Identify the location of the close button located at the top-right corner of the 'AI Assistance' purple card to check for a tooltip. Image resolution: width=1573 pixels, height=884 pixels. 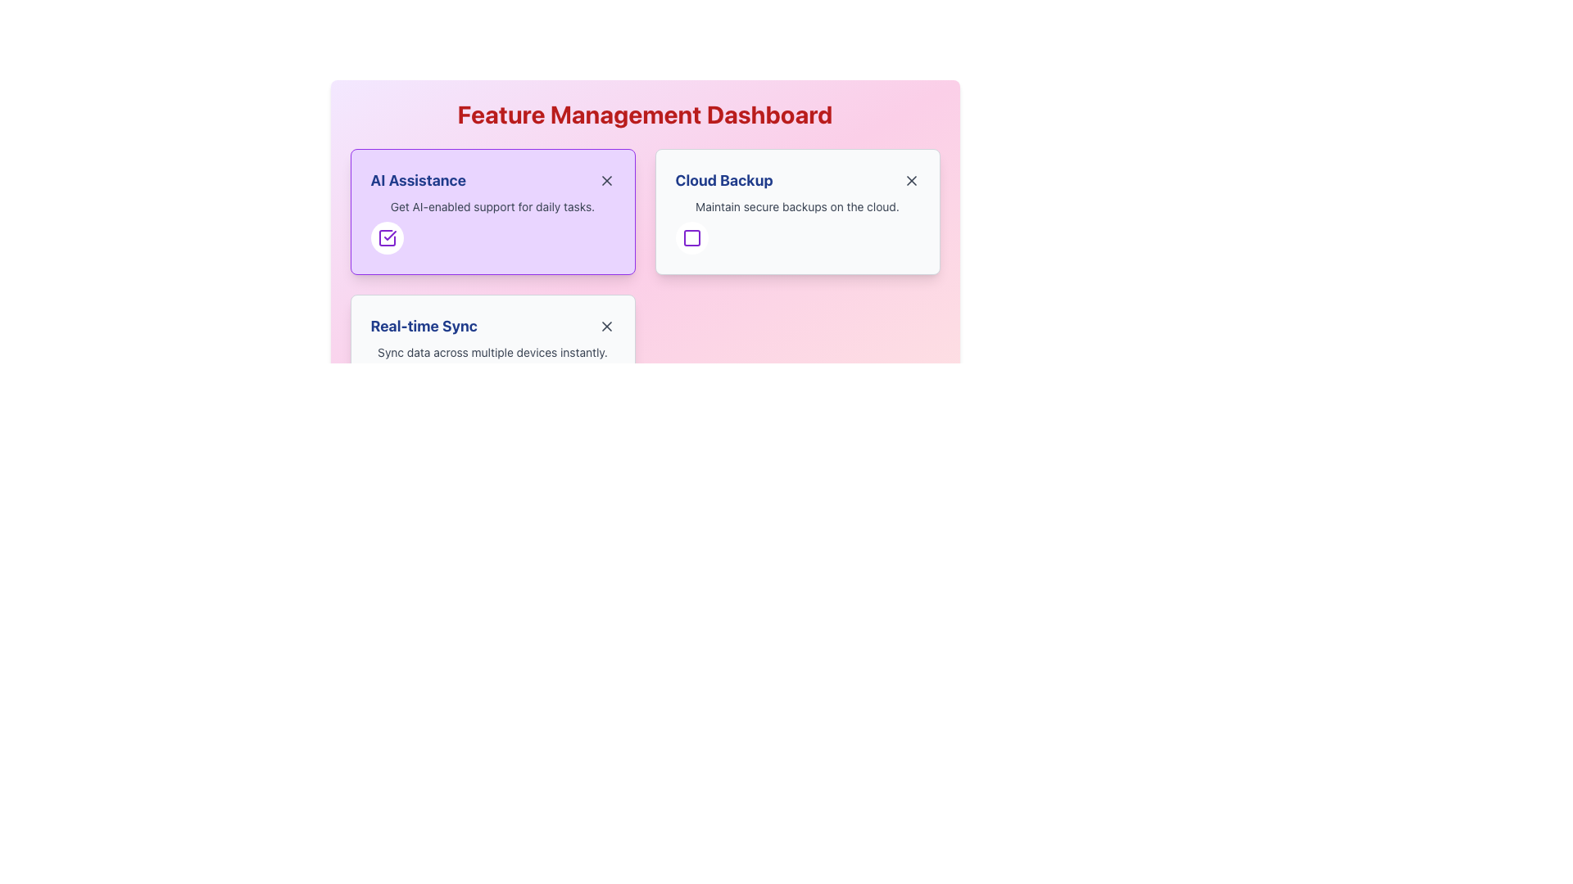
(605, 180).